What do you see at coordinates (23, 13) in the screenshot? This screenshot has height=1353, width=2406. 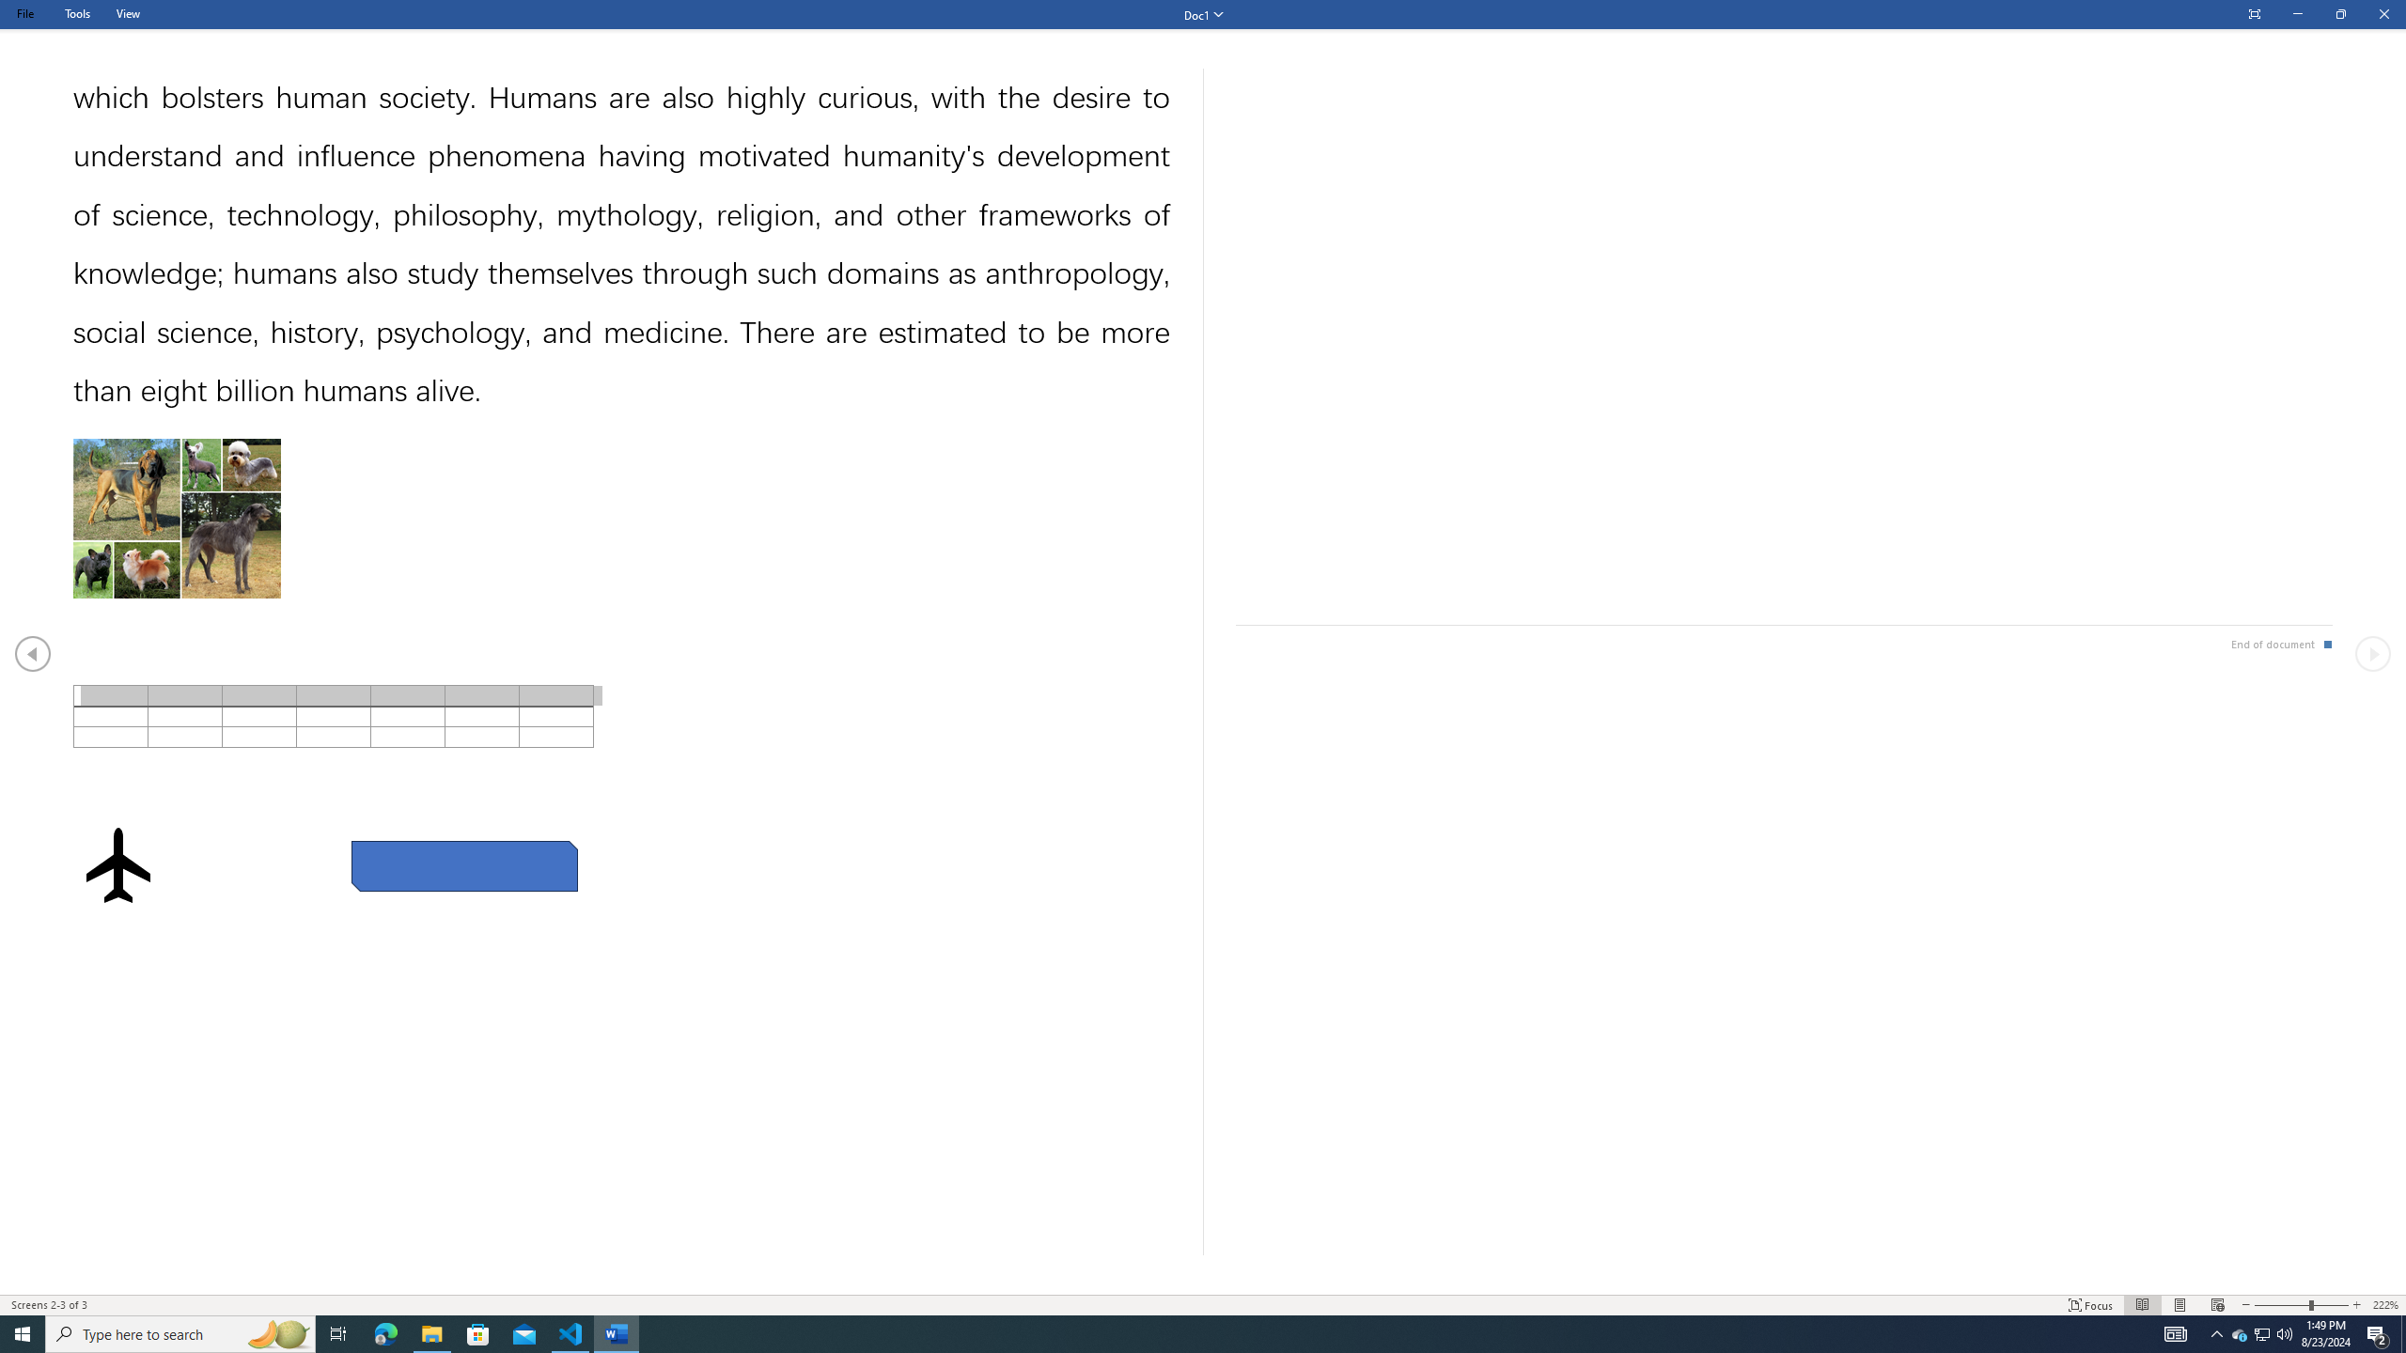 I see `'File Tab'` at bounding box center [23, 13].